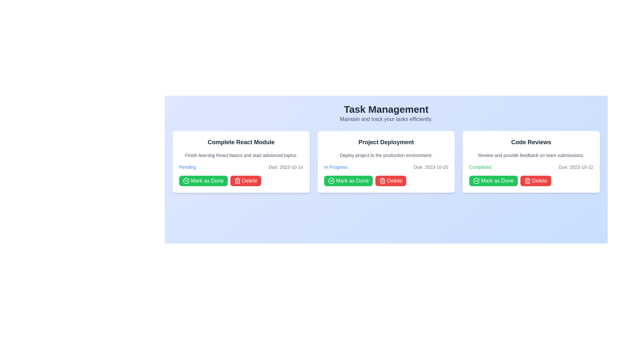  I want to click on the green circular icon with a check mark inside, which is positioned next to the text 'Mark as Done' in the bottom-left area of the card labeled 'Complete React Module', so click(186, 181).